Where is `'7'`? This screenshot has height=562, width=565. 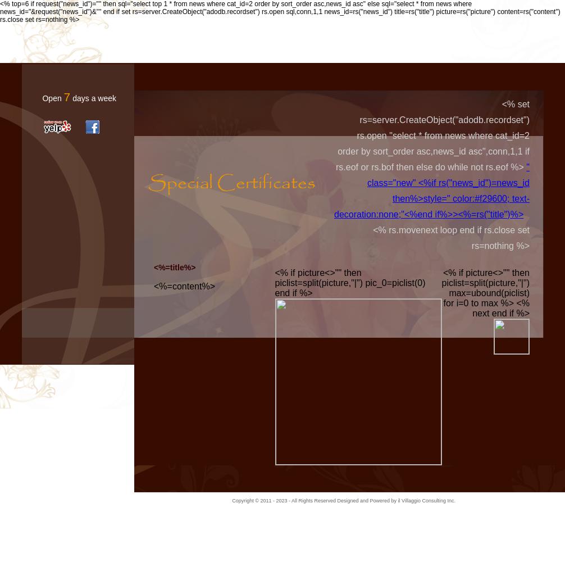
'7' is located at coordinates (67, 97).